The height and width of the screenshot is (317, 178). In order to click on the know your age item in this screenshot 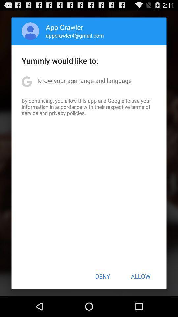, I will do `click(84, 80)`.